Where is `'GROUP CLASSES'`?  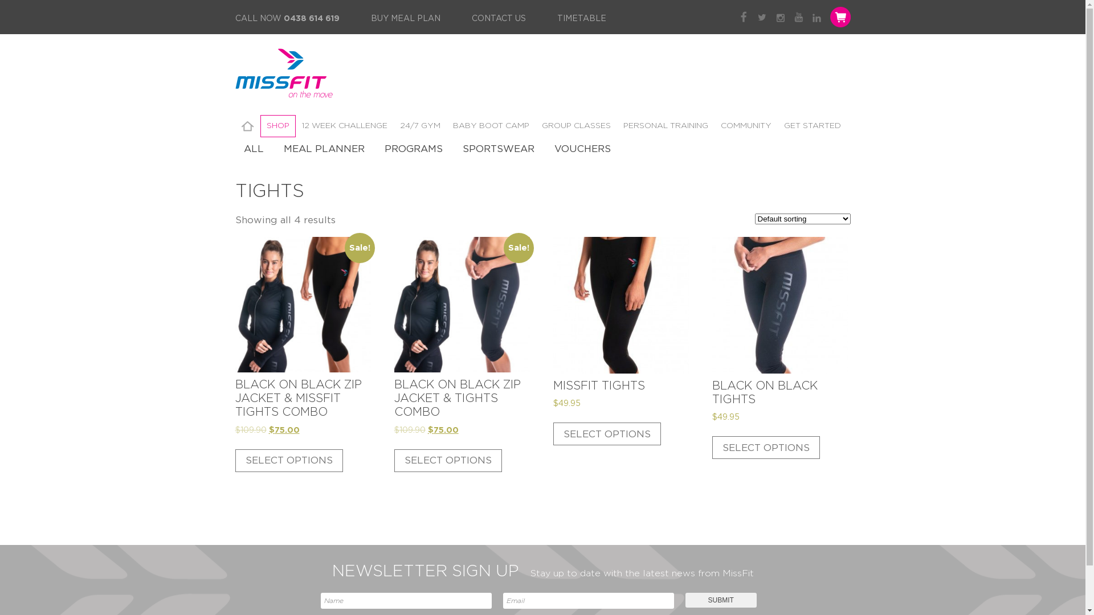 'GROUP CLASSES' is located at coordinates (576, 126).